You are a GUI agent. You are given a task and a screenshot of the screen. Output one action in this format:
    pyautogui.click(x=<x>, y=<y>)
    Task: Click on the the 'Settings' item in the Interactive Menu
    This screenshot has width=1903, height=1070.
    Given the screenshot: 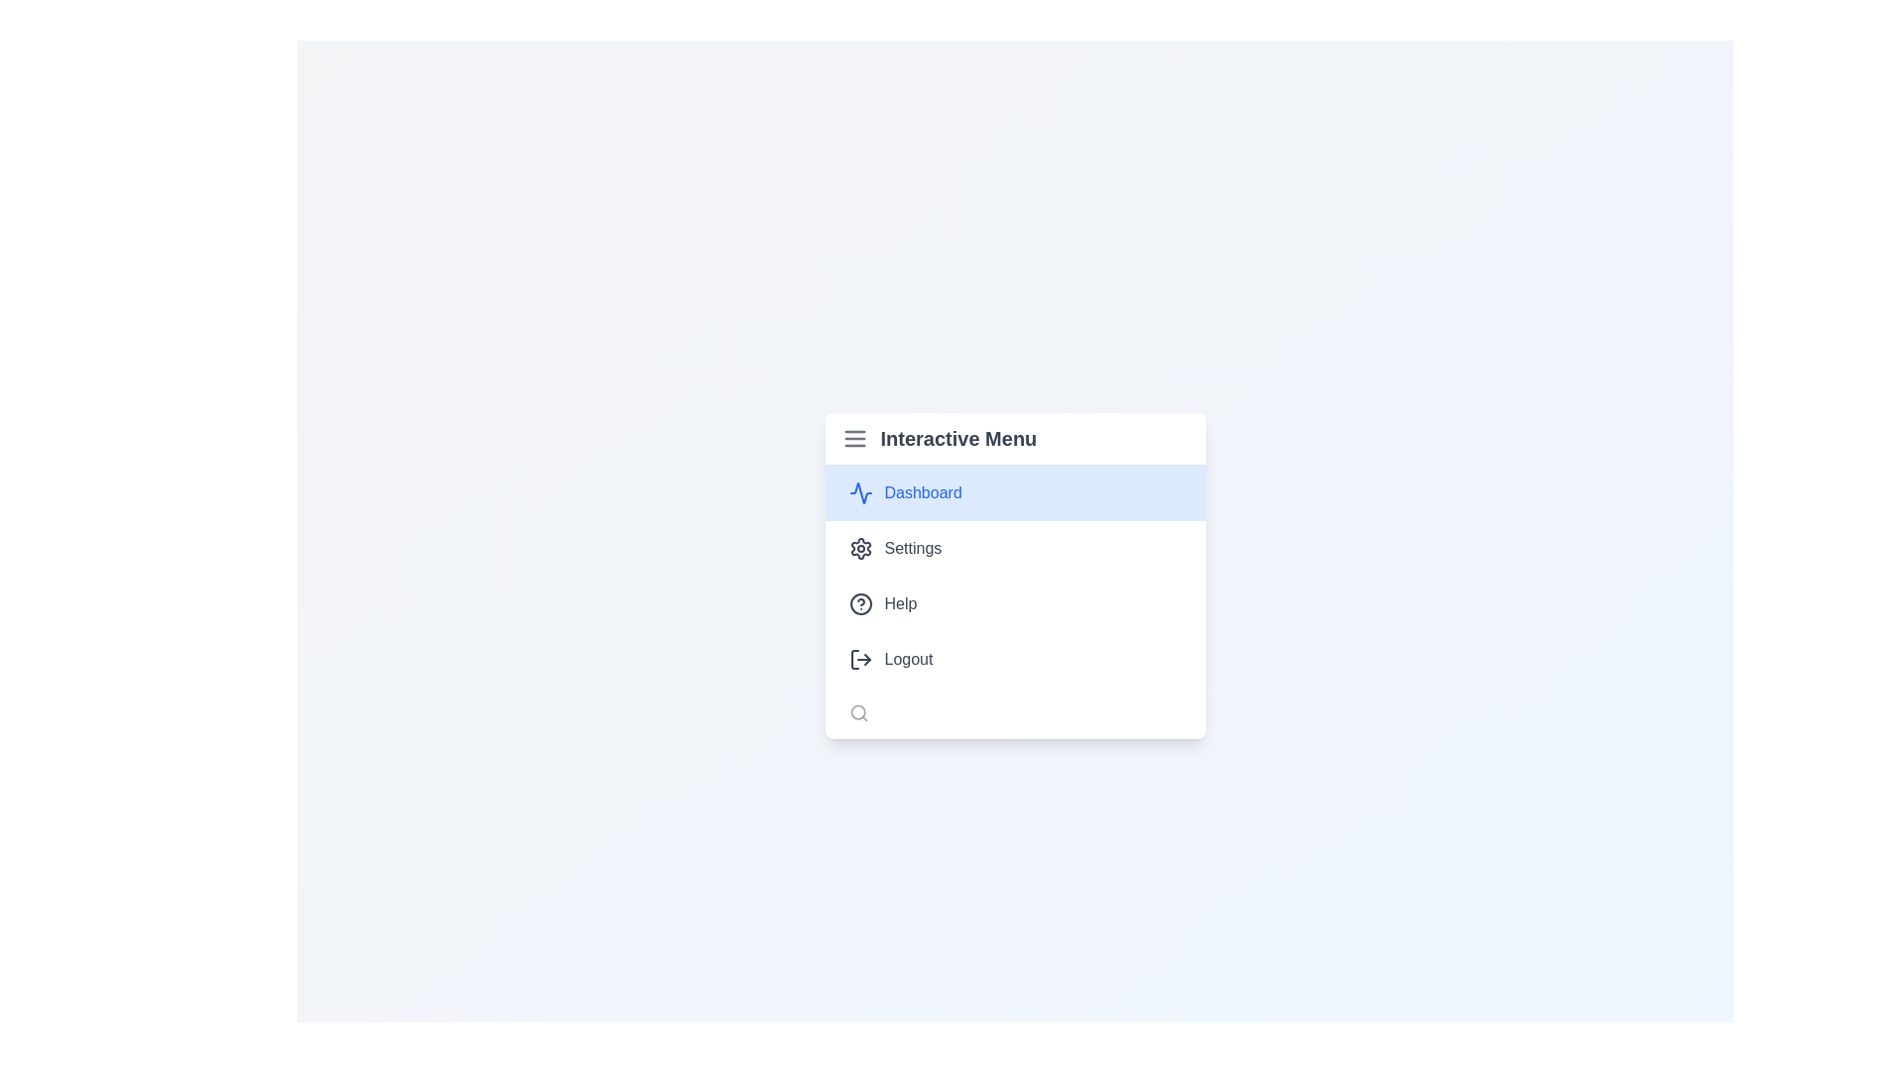 What is the action you would take?
    pyautogui.click(x=1015, y=576)
    